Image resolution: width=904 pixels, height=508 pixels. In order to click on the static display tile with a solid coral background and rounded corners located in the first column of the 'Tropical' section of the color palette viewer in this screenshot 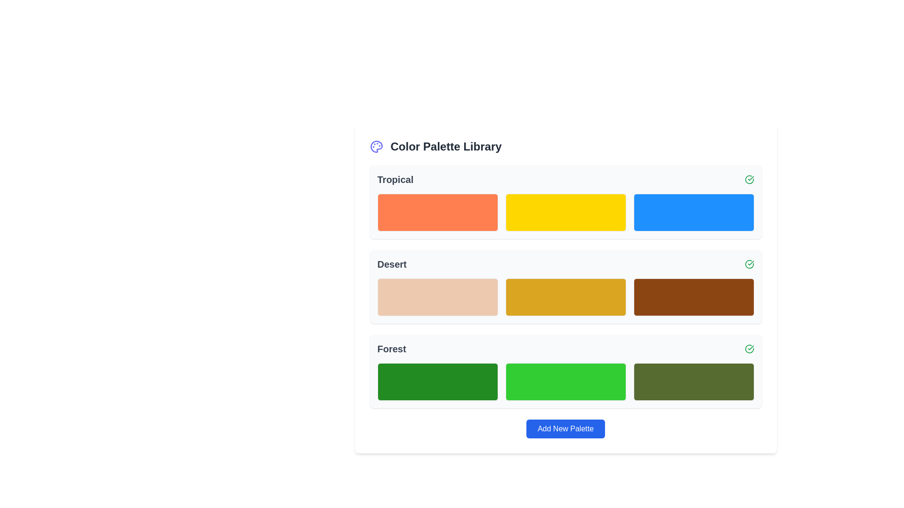, I will do `click(437, 212)`.